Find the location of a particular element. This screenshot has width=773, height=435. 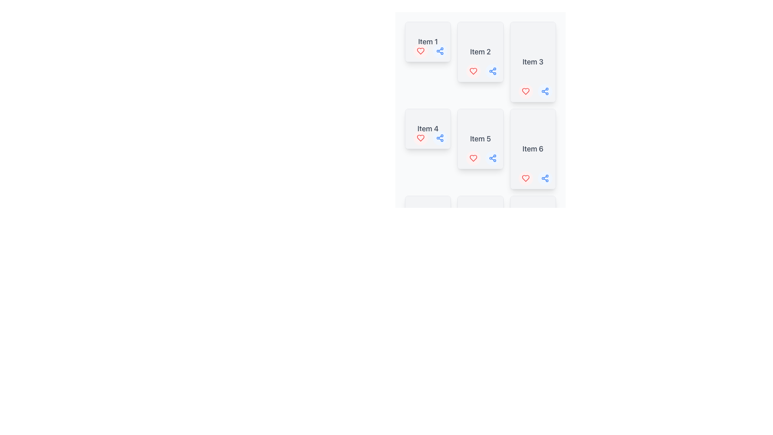

the share icon located in the lower-right quadrant of the card labeled 'Item 6' is located at coordinates (545, 178).